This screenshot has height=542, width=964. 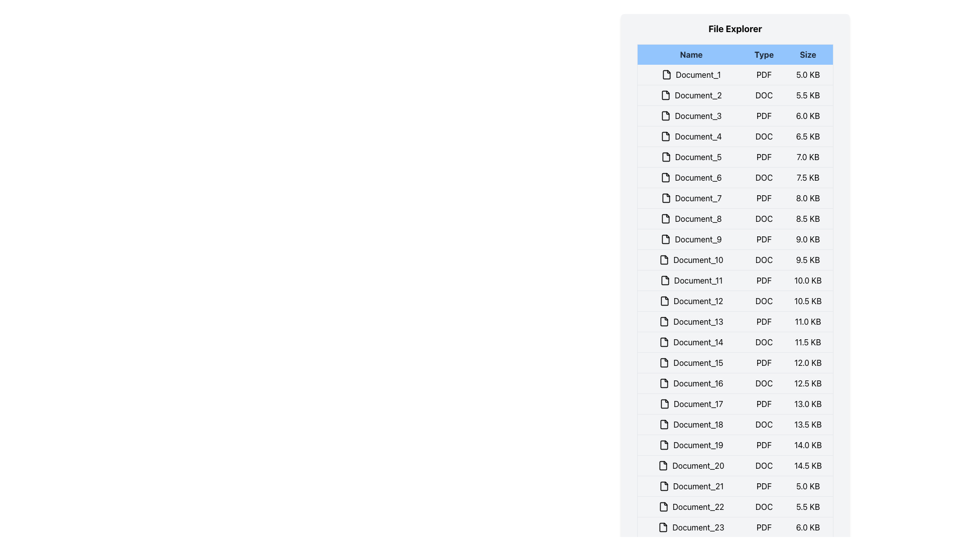 What do you see at coordinates (763, 115) in the screenshot?
I see `the static text label 'PDF' located in the 'Type' column of the row labeled 'Document_3'` at bounding box center [763, 115].